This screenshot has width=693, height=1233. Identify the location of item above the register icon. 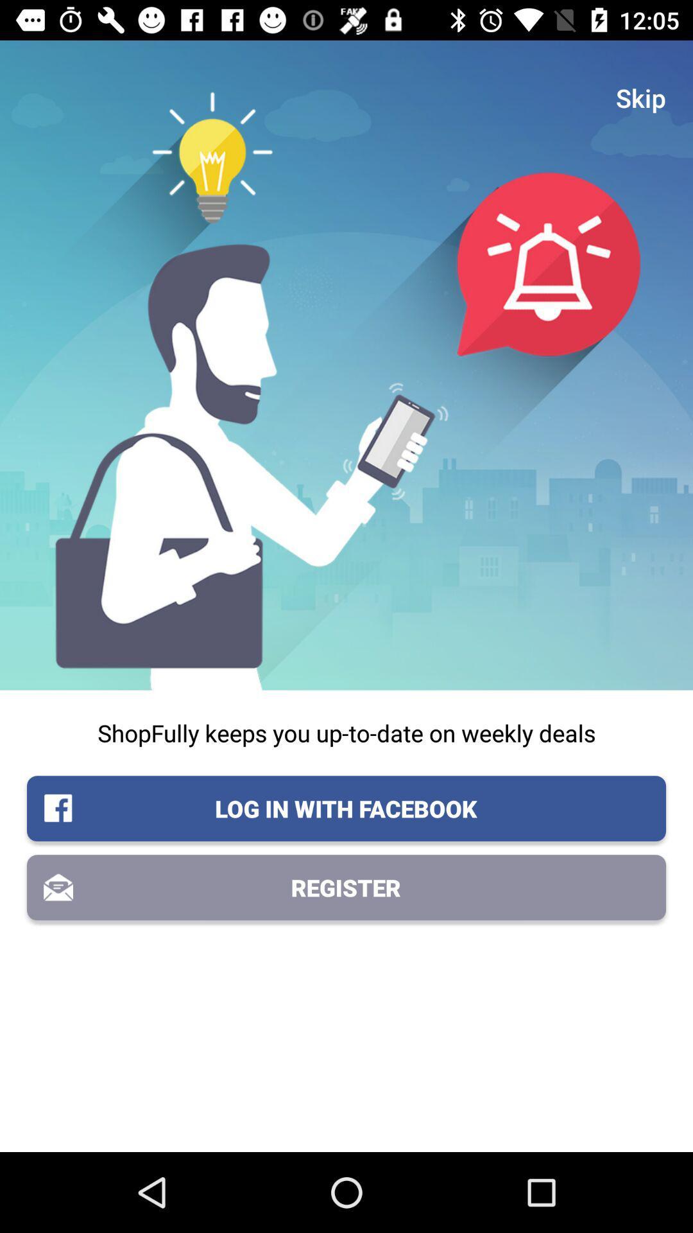
(346, 808).